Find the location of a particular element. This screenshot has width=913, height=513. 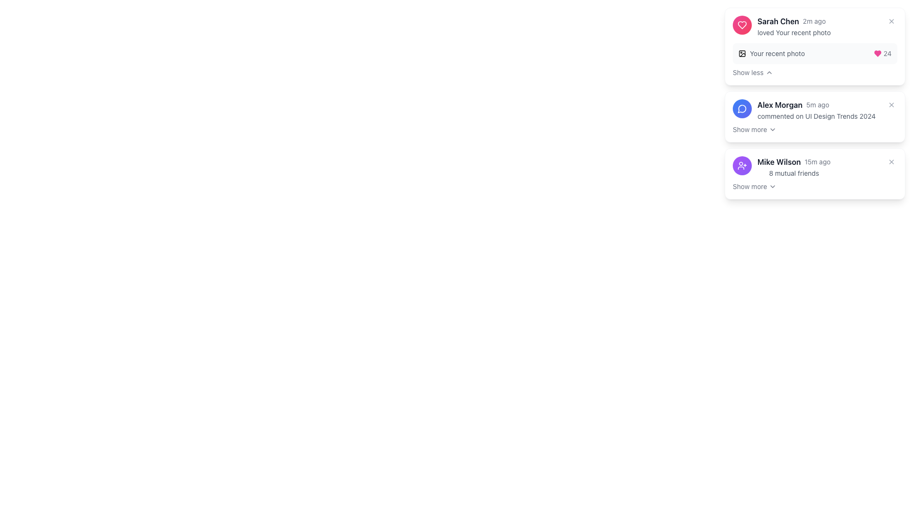

the 'like' SVG icon located in the top-right card of the interface, which is positioned left of the numeric label '24' is located at coordinates (877, 53).